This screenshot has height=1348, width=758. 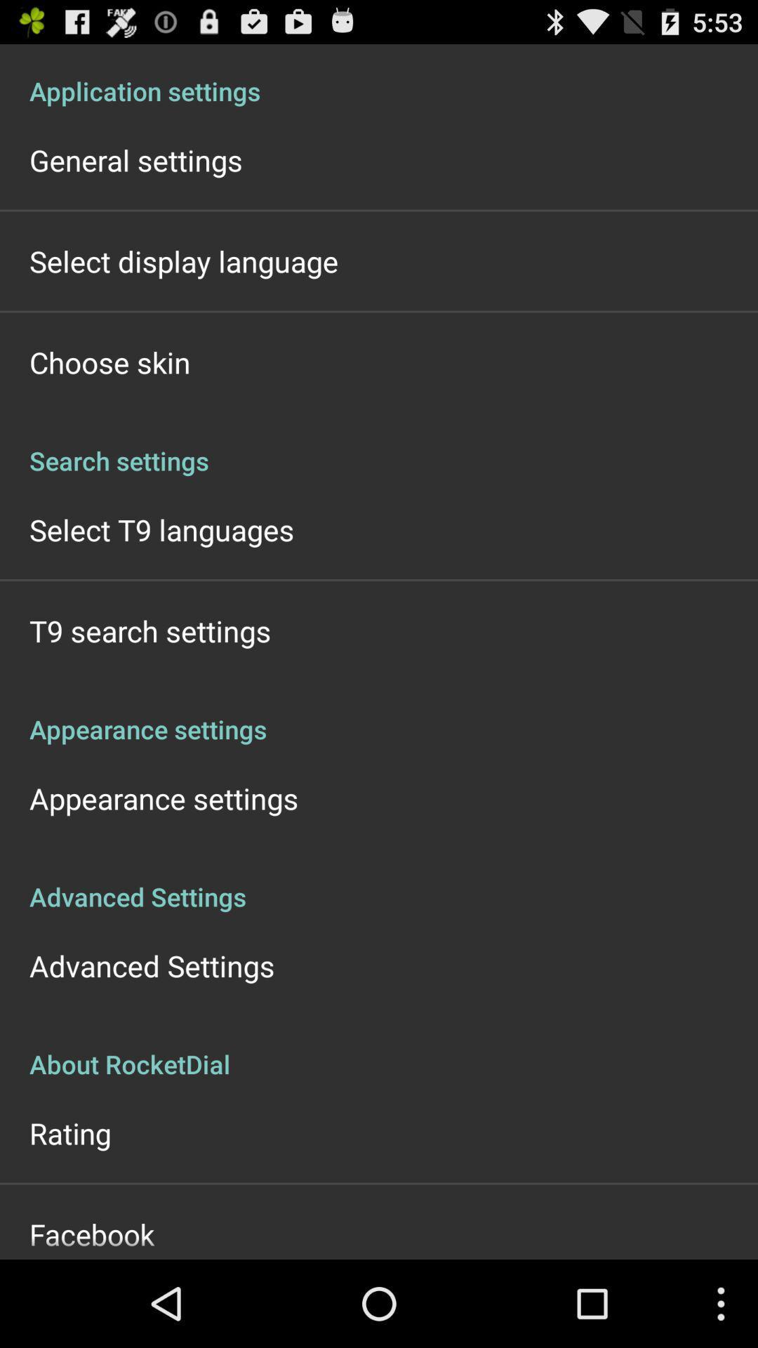 What do you see at coordinates (70, 1132) in the screenshot?
I see `the rating app` at bounding box center [70, 1132].